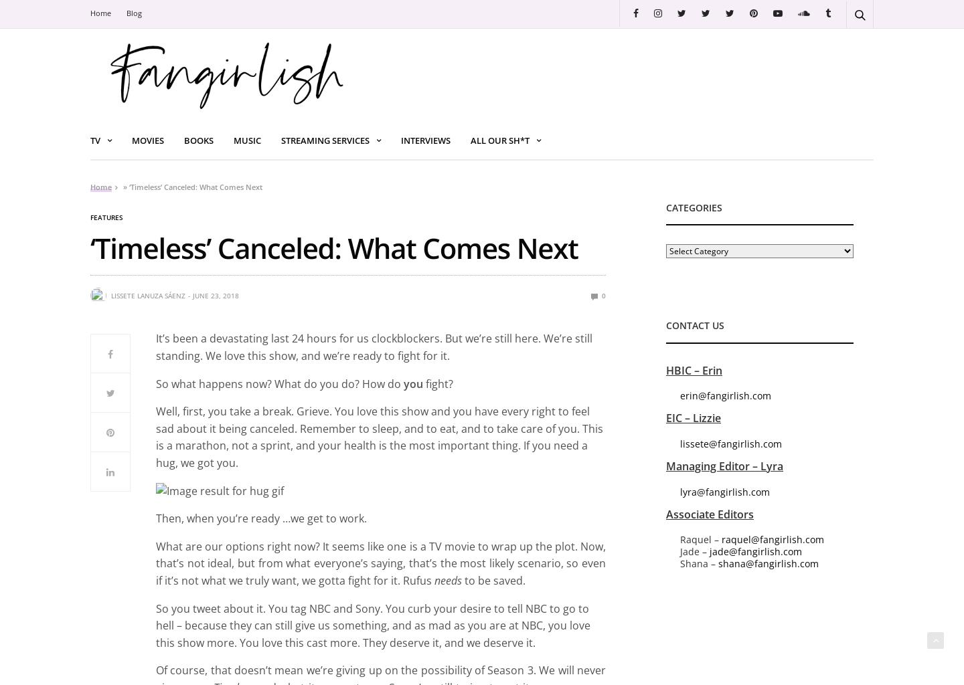 The image size is (964, 685). What do you see at coordinates (216, 295) in the screenshot?
I see `'June 23, 2018'` at bounding box center [216, 295].